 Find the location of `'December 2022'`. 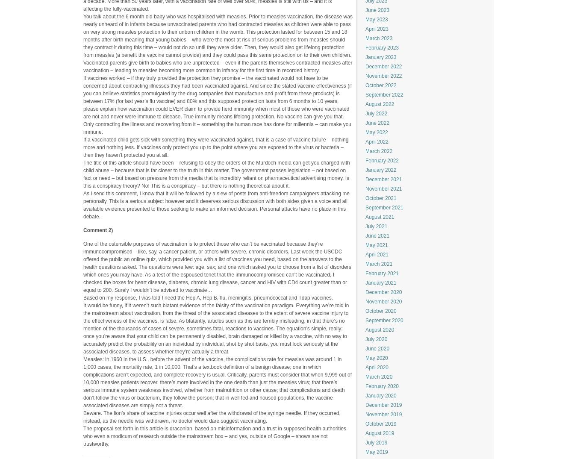

'December 2022' is located at coordinates (383, 66).